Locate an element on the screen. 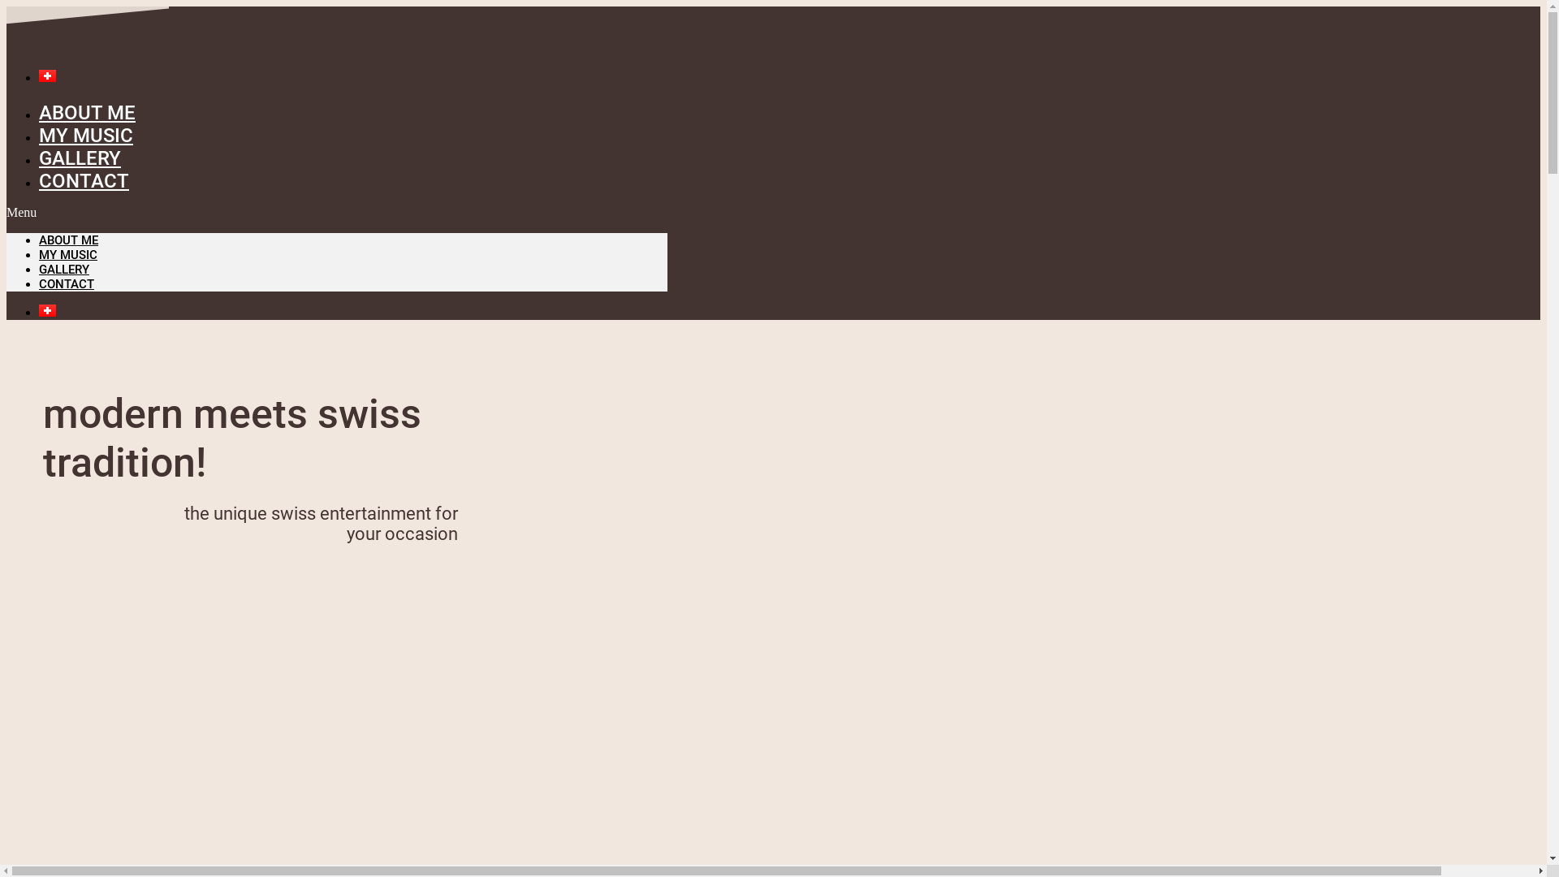 The width and height of the screenshot is (1559, 877). 'MY MUSIC' is located at coordinates (39, 134).